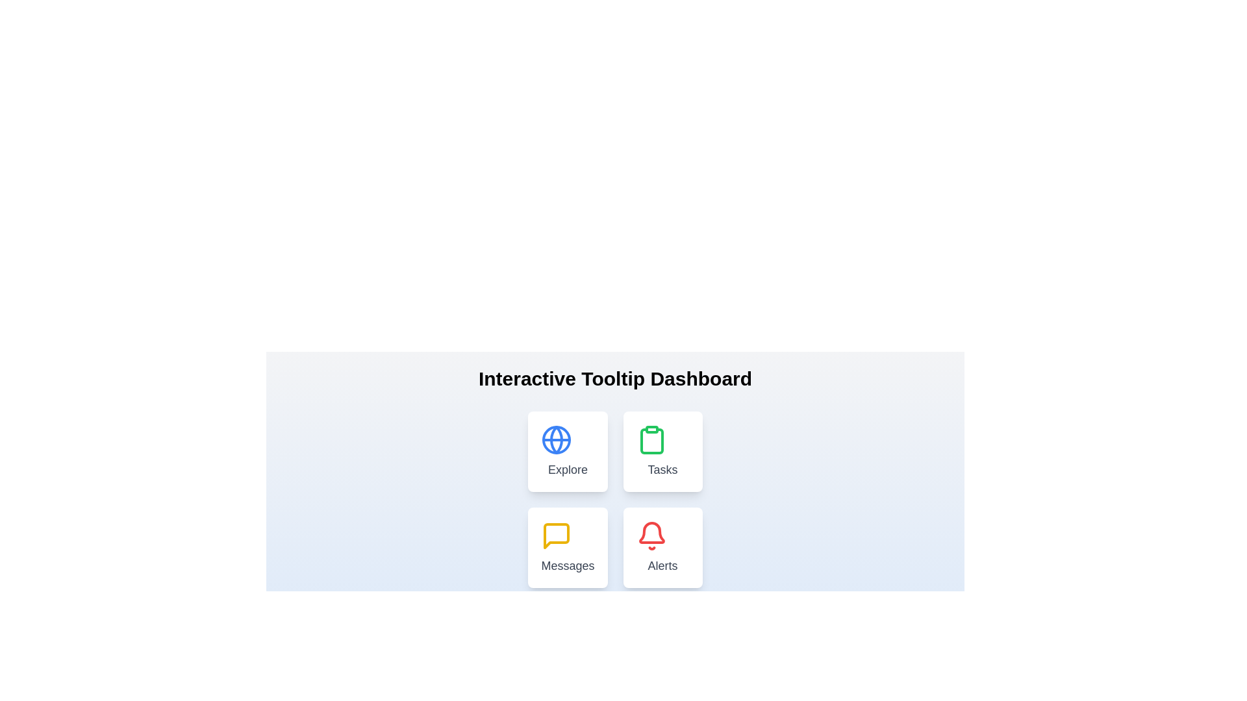 The width and height of the screenshot is (1247, 701). I want to click on the yellow speech bubble icon that resembles a message symbol, located in the lower-left square of the dashboard grid labeled 'Messages.', so click(557, 535).